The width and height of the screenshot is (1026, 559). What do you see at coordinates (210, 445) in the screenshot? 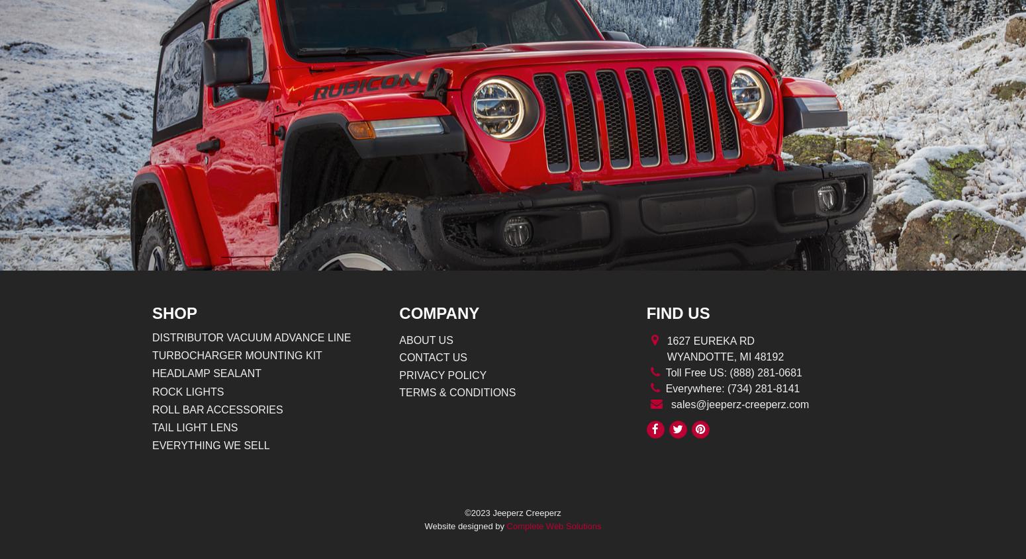
I see `'Everything We Sell'` at bounding box center [210, 445].